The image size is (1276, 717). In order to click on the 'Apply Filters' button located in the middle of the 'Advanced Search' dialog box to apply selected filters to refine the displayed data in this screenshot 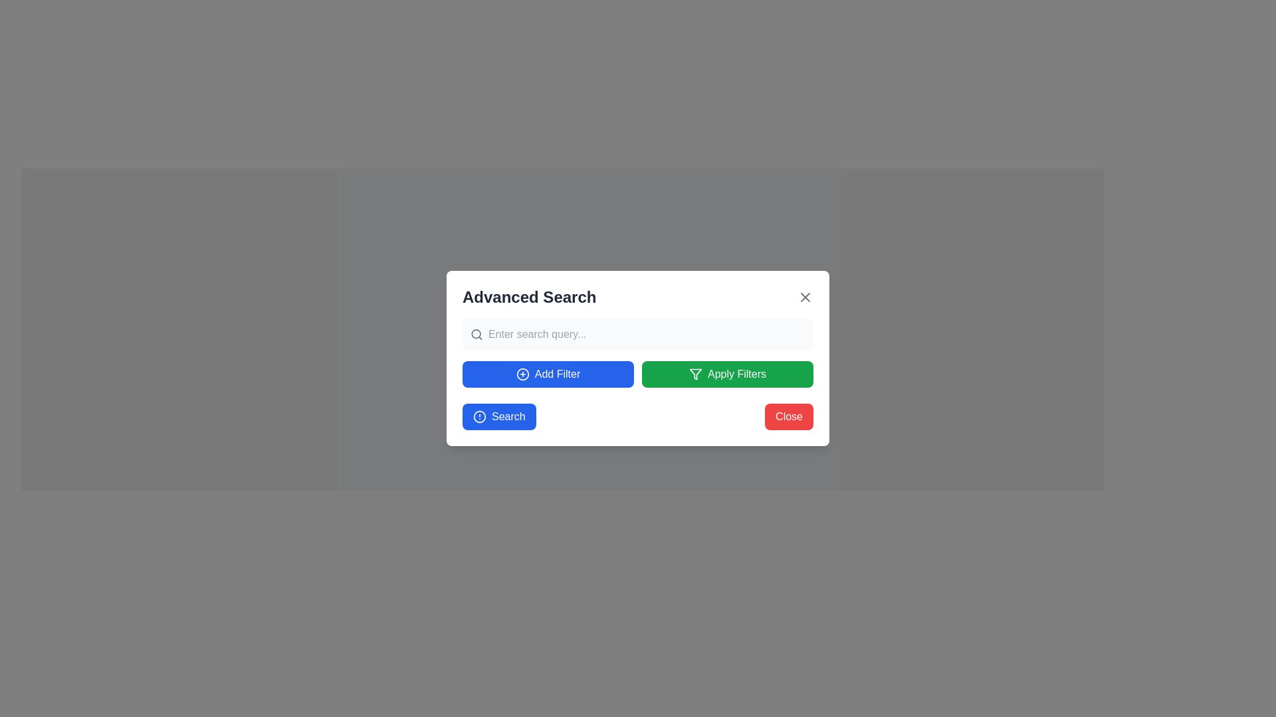, I will do `click(726, 374)`.